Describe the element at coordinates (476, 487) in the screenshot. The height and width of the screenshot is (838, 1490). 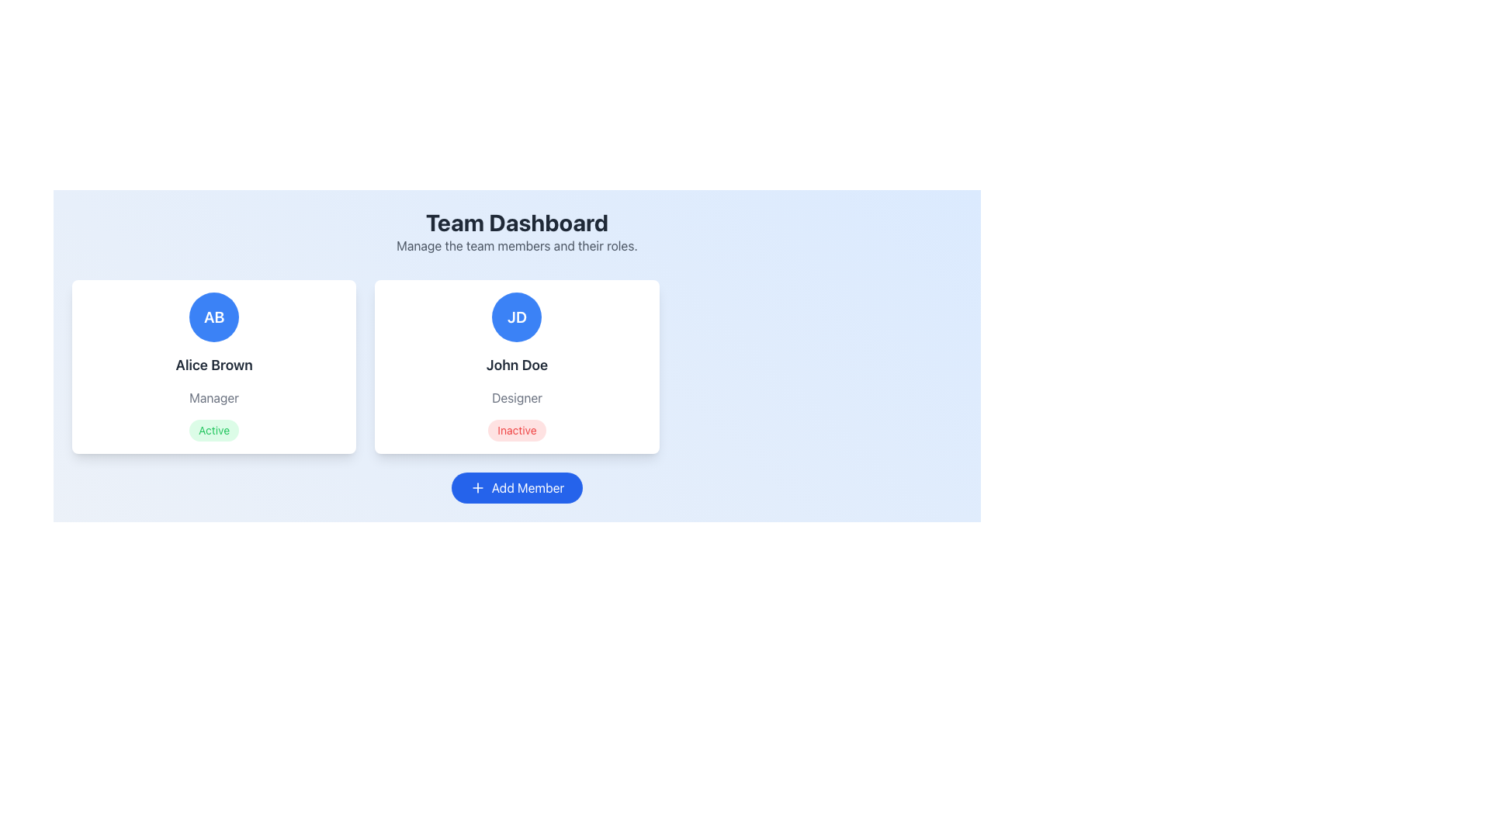
I see `the SVG-based icon located to the left of the 'Add Member' button, which symbolizes the action of adding a new member` at that location.